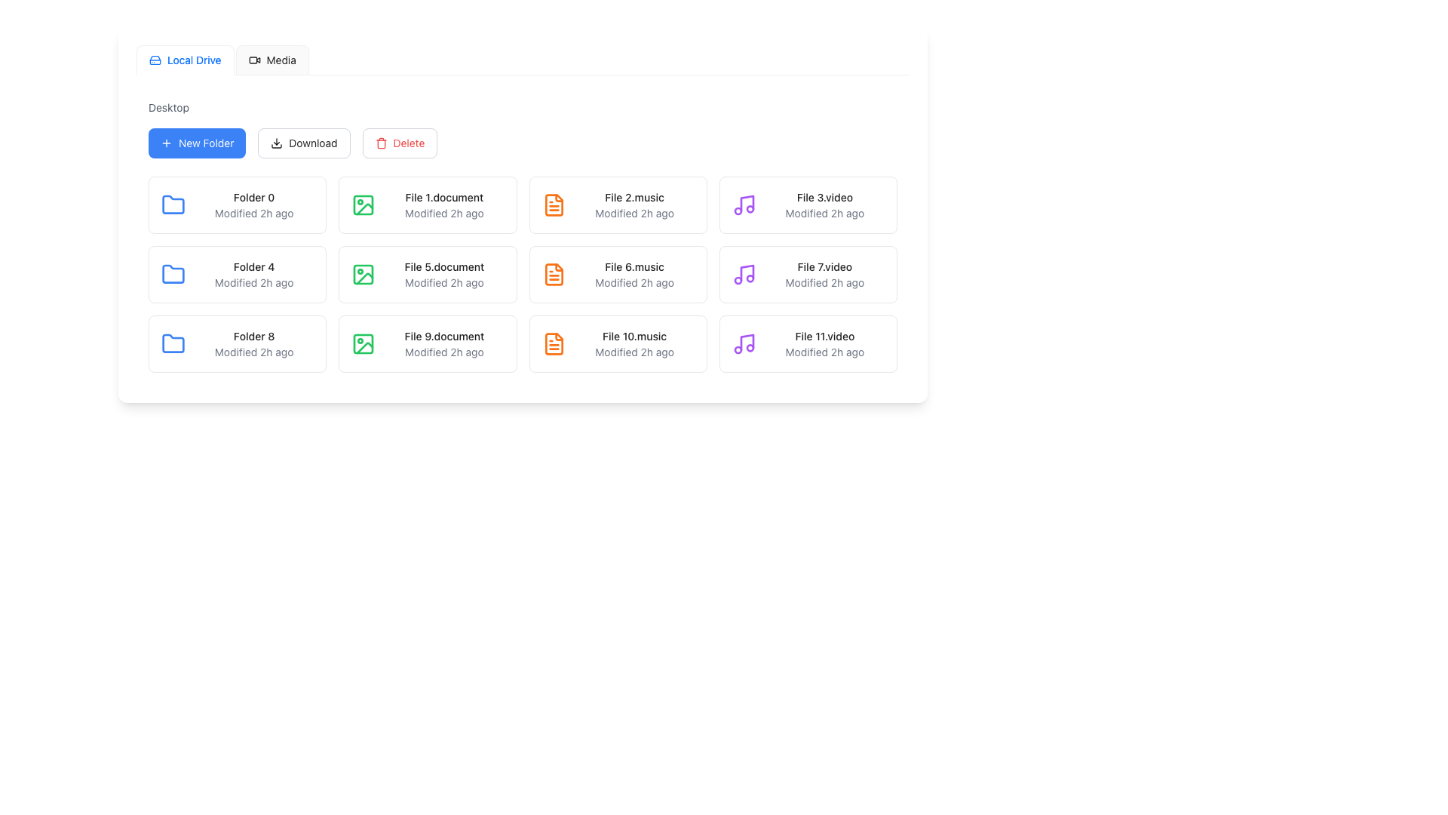 This screenshot has height=815, width=1448. Describe the element at coordinates (427, 343) in the screenshot. I see `the card-style UI component representing the document named 'File 9.document' located in the last column of the third row in the grid layout` at that location.